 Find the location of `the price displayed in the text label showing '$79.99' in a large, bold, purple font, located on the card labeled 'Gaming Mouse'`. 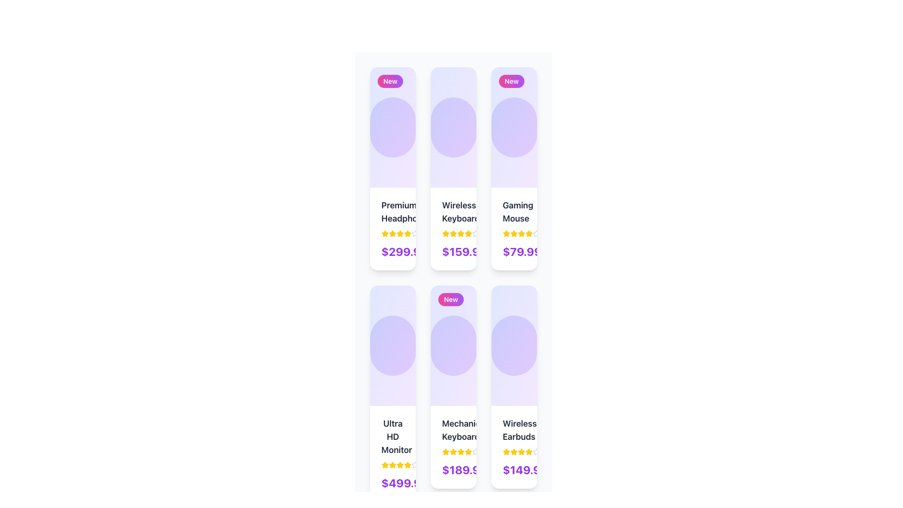

the price displayed in the text label showing '$79.99' in a large, bold, purple font, located on the card labeled 'Gaming Mouse' is located at coordinates (522, 251).